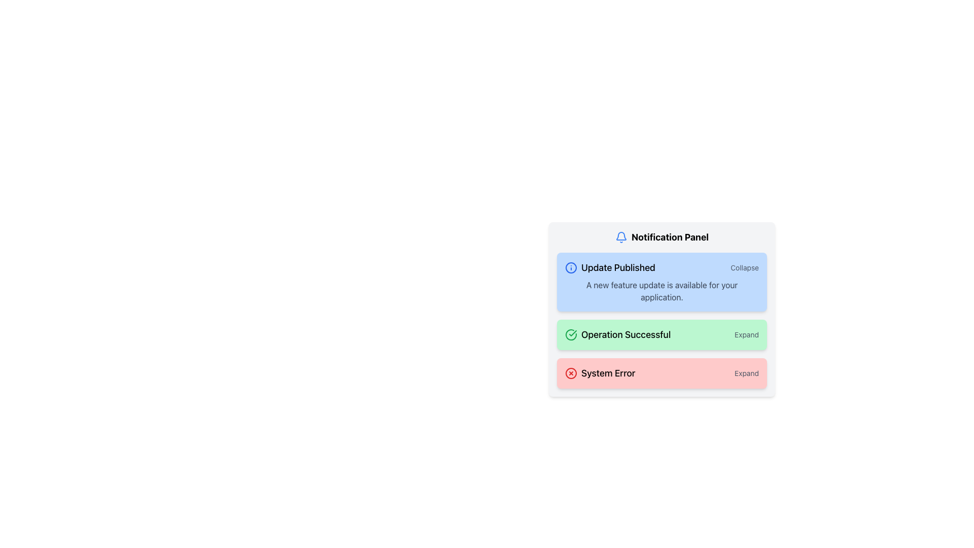 The height and width of the screenshot is (548, 974). Describe the element at coordinates (662, 373) in the screenshot. I see `the 'Expand' link on the error notification card located in the bottom section of the notification panel` at that location.